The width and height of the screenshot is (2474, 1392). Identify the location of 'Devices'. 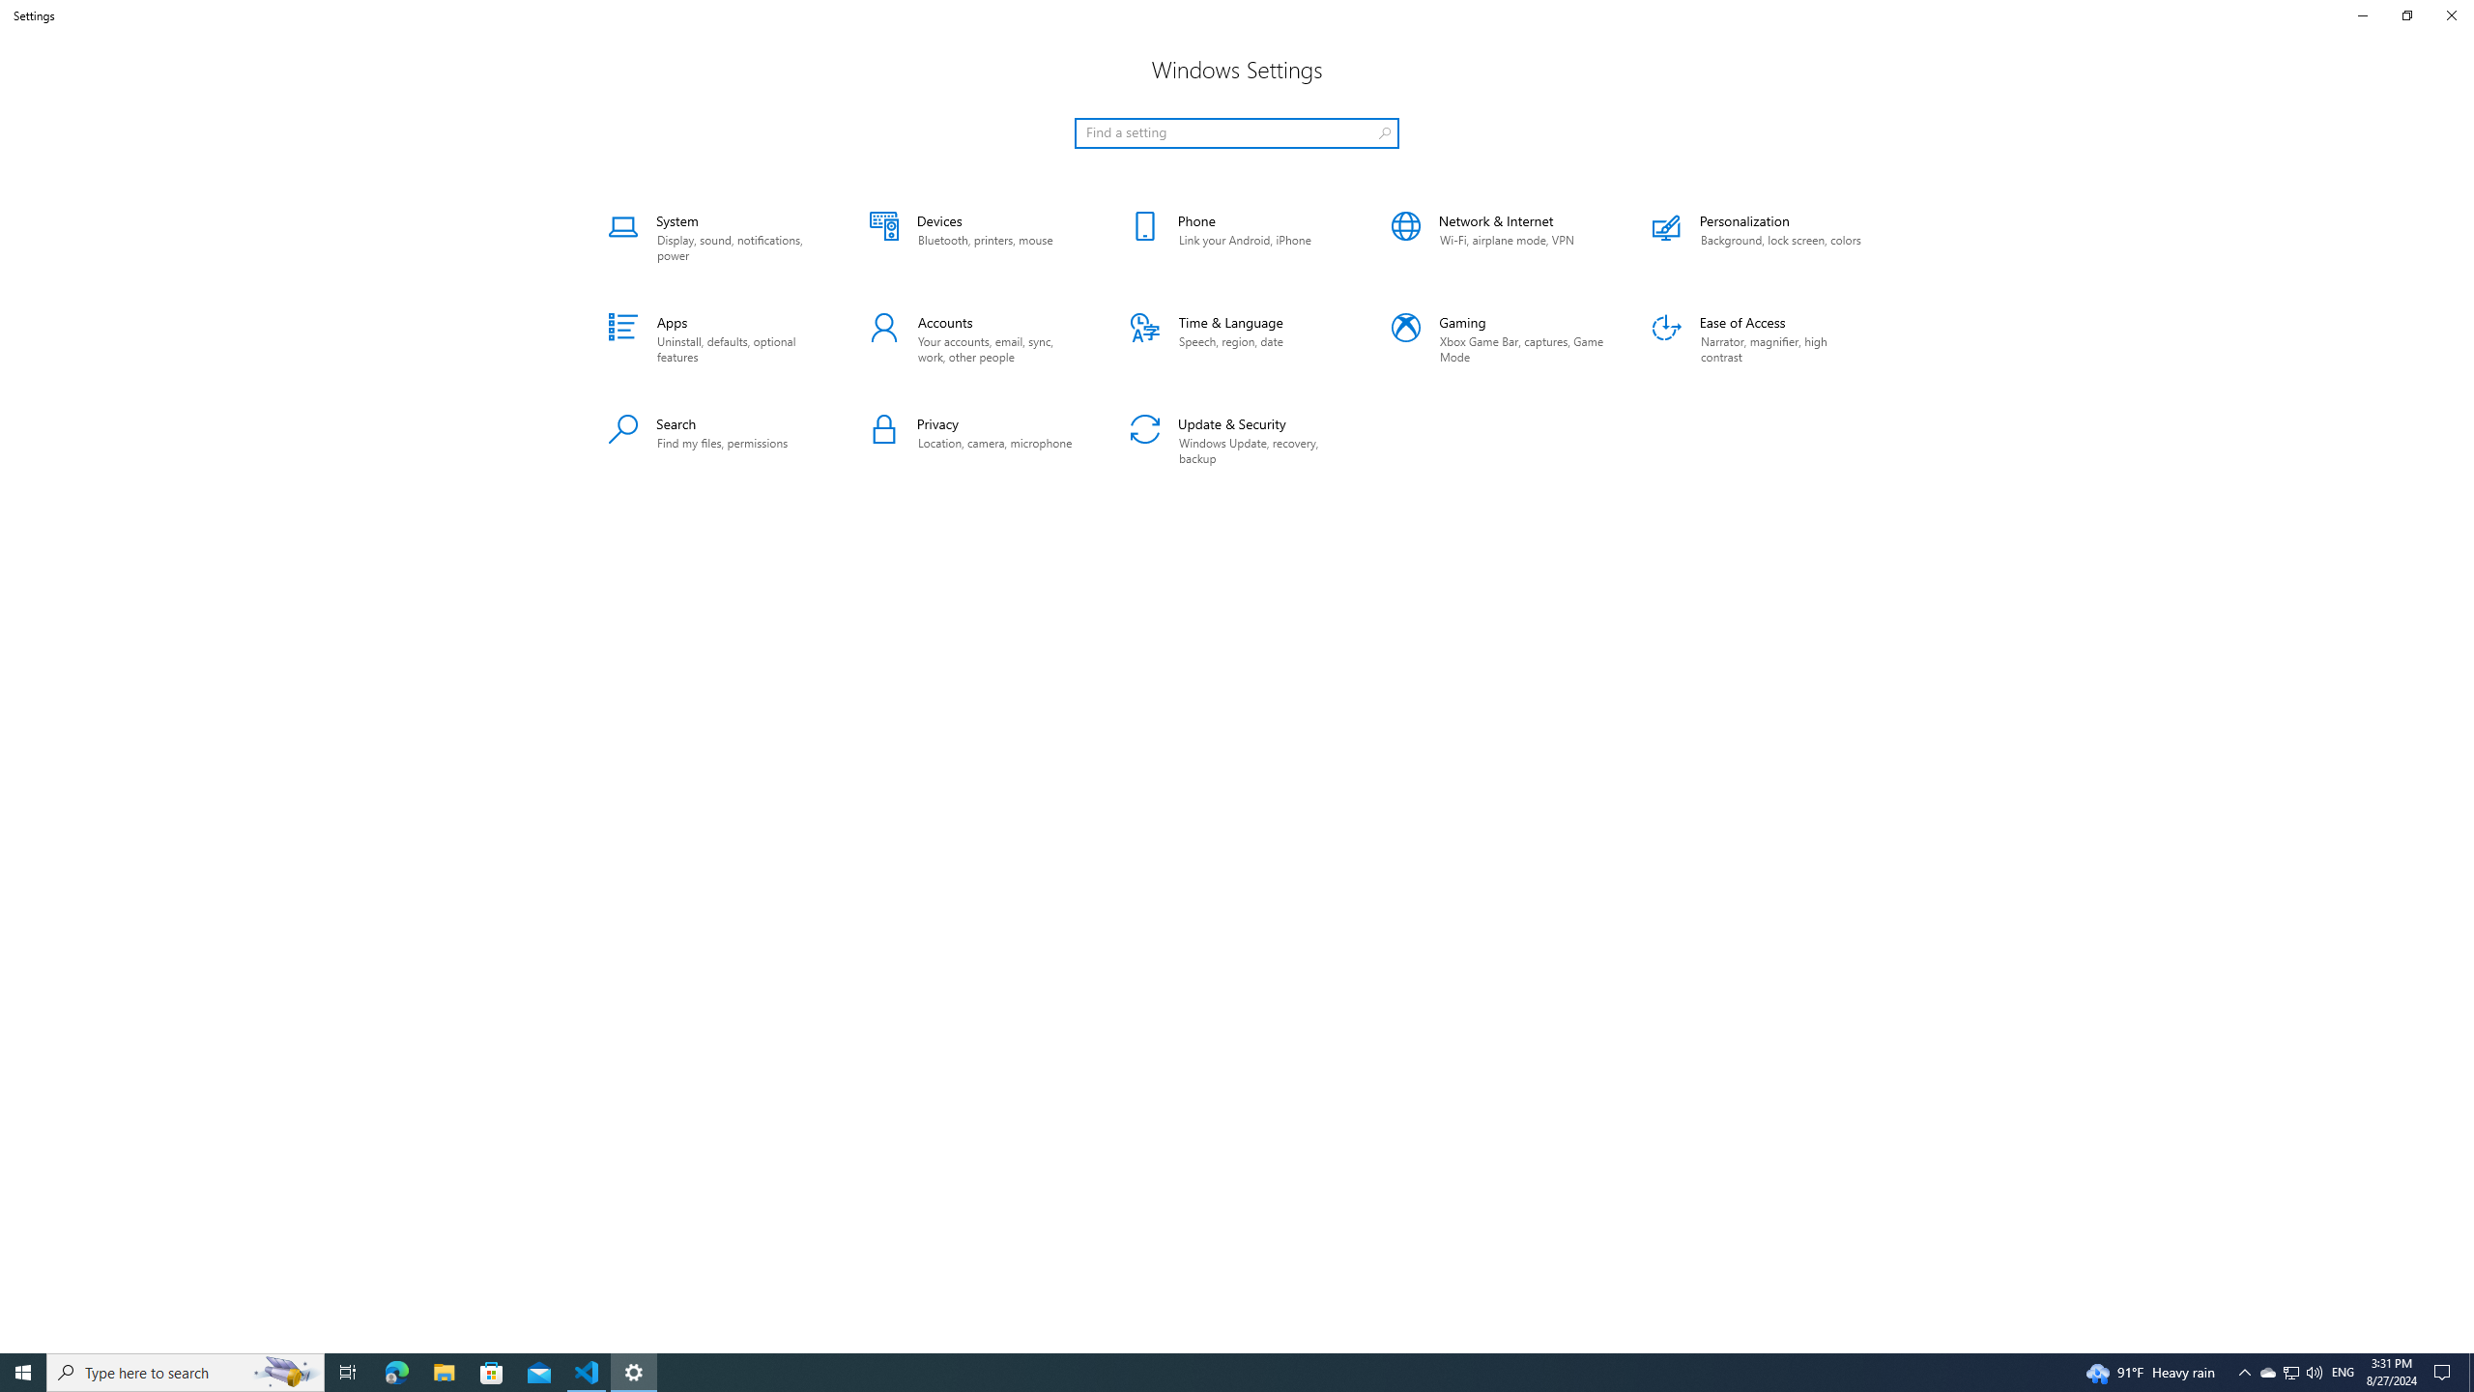
(974, 237).